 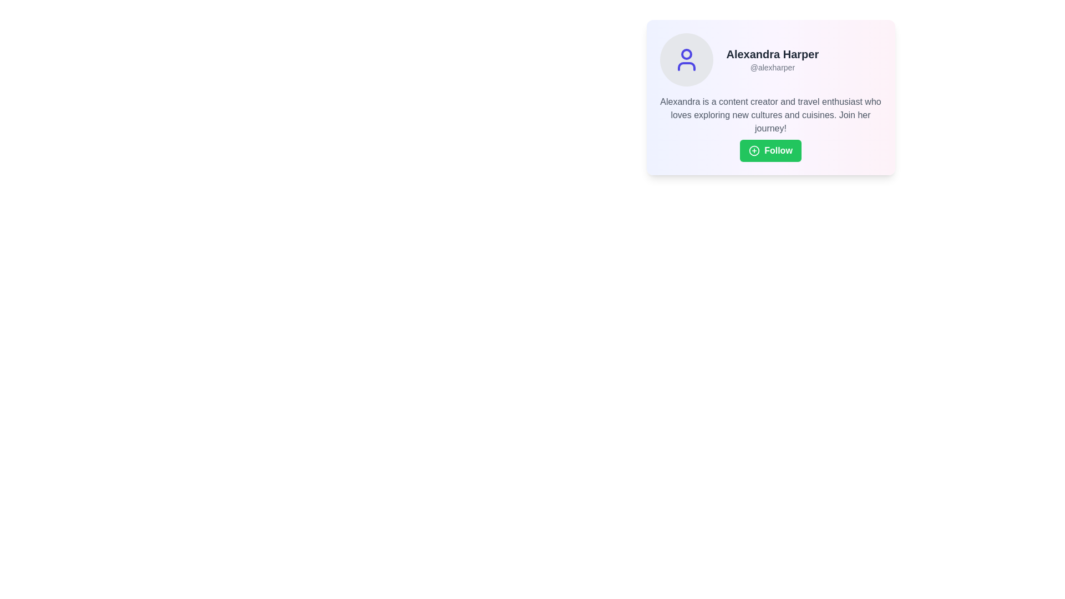 I want to click on the user profile icon located in the top-left corner of the profile card, above the name 'Alexandra Harper' and her username, so click(x=686, y=60).